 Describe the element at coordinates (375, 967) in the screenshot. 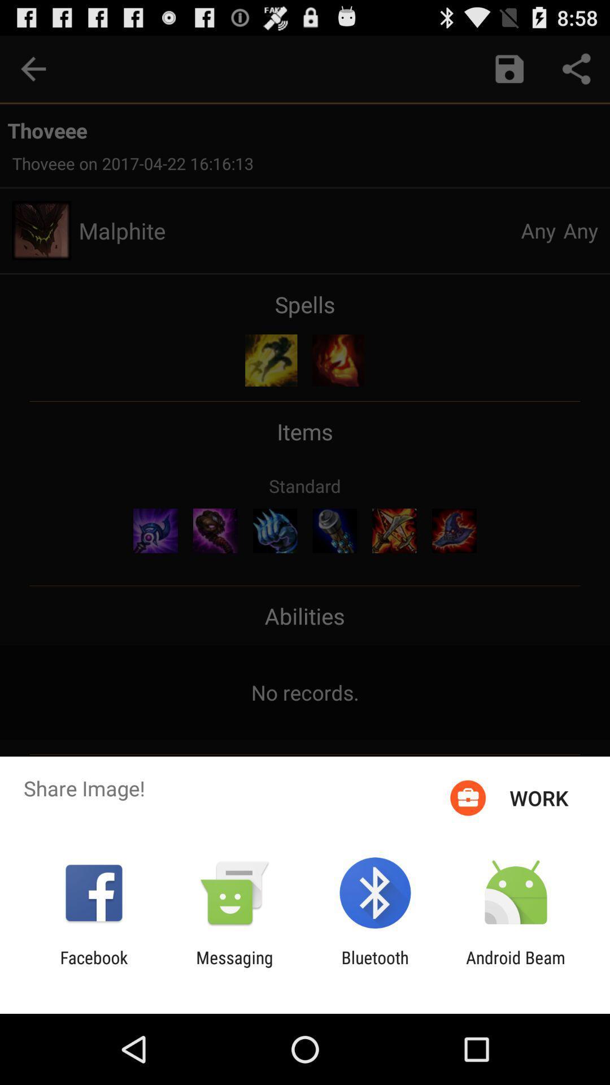

I see `the bluetooth` at that location.